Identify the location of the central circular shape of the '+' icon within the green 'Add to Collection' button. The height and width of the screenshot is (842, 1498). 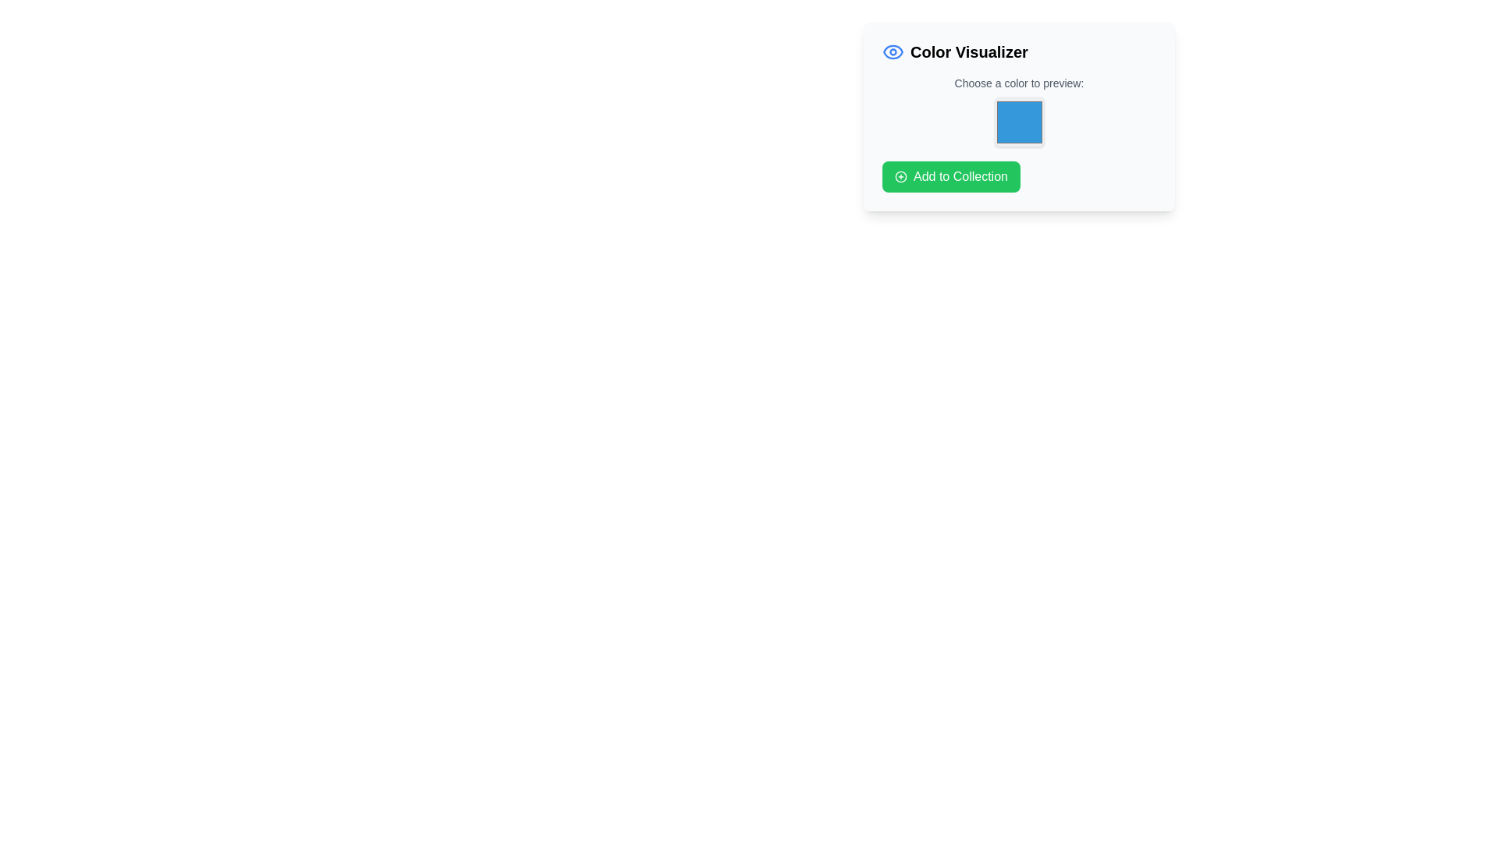
(901, 176).